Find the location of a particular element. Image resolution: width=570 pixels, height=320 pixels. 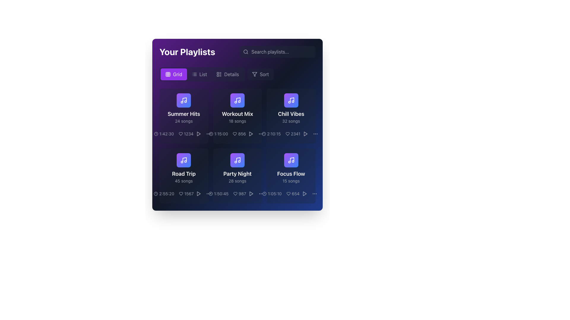

text block containing the title and description of the playlist, located in the second card of the first row in a grid layout, positioned below the music note icon and above the playlist statistics is located at coordinates (237, 117).